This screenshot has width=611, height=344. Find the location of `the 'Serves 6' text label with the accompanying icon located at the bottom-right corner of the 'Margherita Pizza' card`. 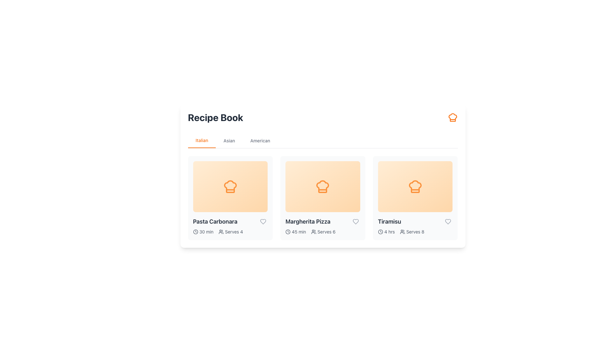

the 'Serves 6' text label with the accompanying icon located at the bottom-right corner of the 'Margherita Pizza' card is located at coordinates (323, 232).